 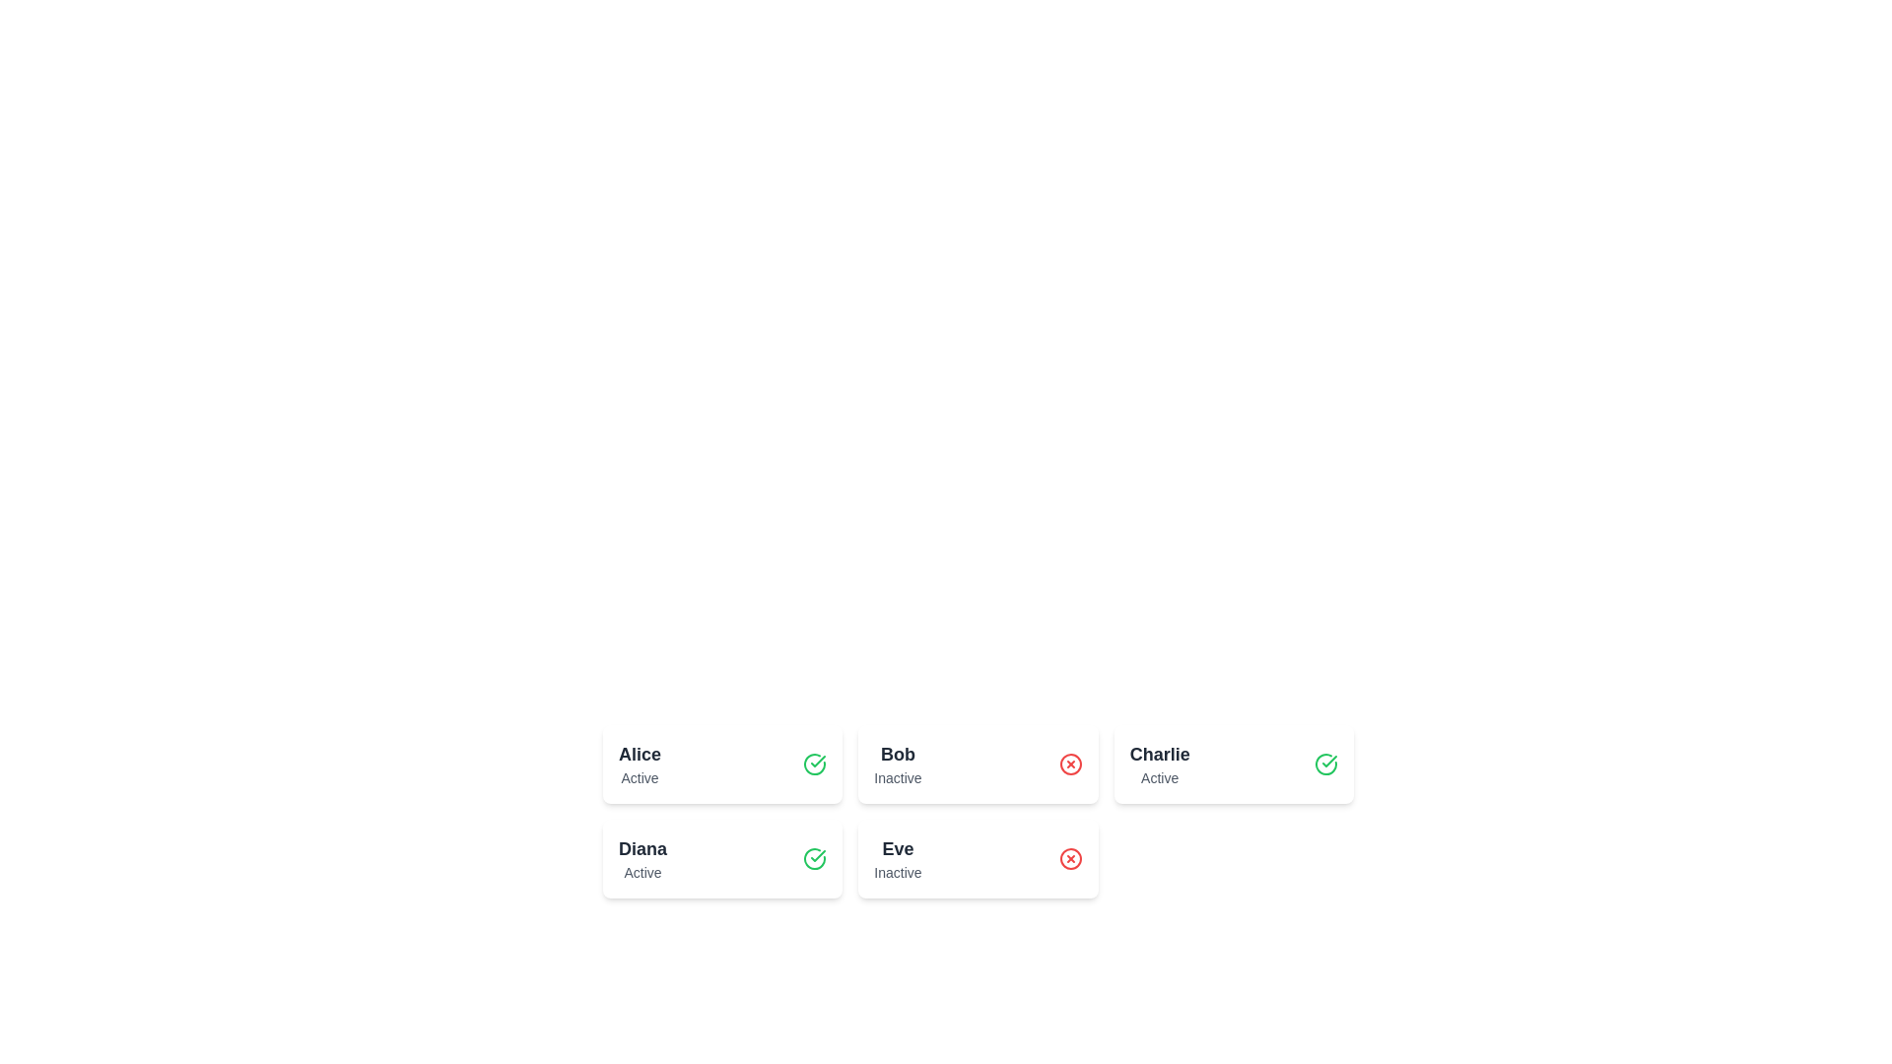 What do you see at coordinates (897, 872) in the screenshot?
I see `the status indicator text label that displays 'Inactive', located directly below the 'Eve' text in the bottom-right corner of the card layout` at bounding box center [897, 872].